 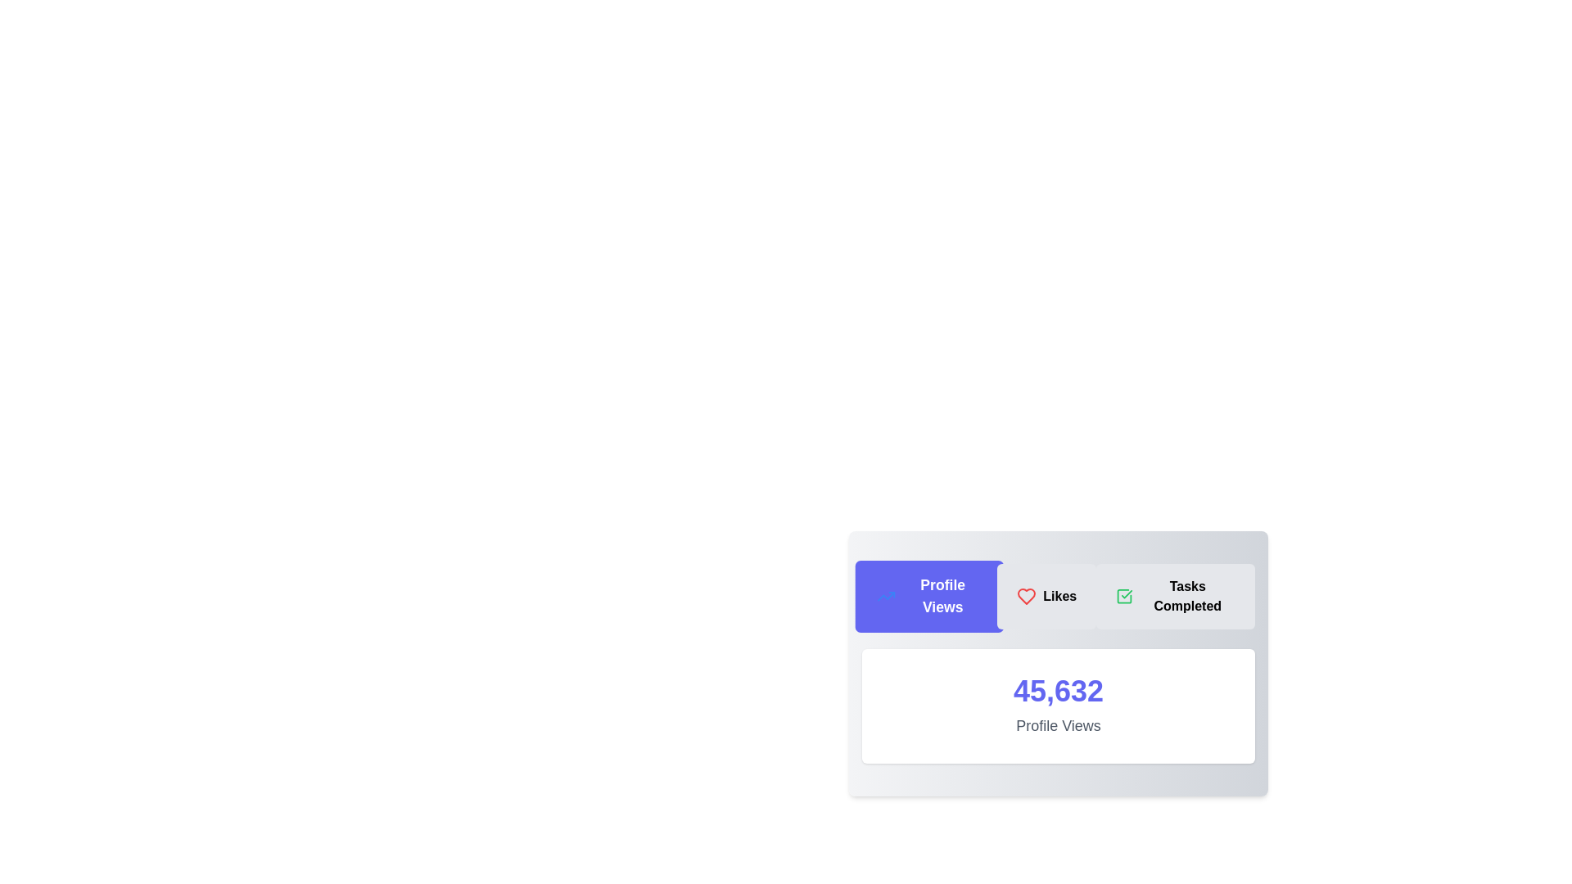 What do you see at coordinates (1175, 597) in the screenshot?
I see `the tab labeled Tasks Completed to observe its hover effect` at bounding box center [1175, 597].